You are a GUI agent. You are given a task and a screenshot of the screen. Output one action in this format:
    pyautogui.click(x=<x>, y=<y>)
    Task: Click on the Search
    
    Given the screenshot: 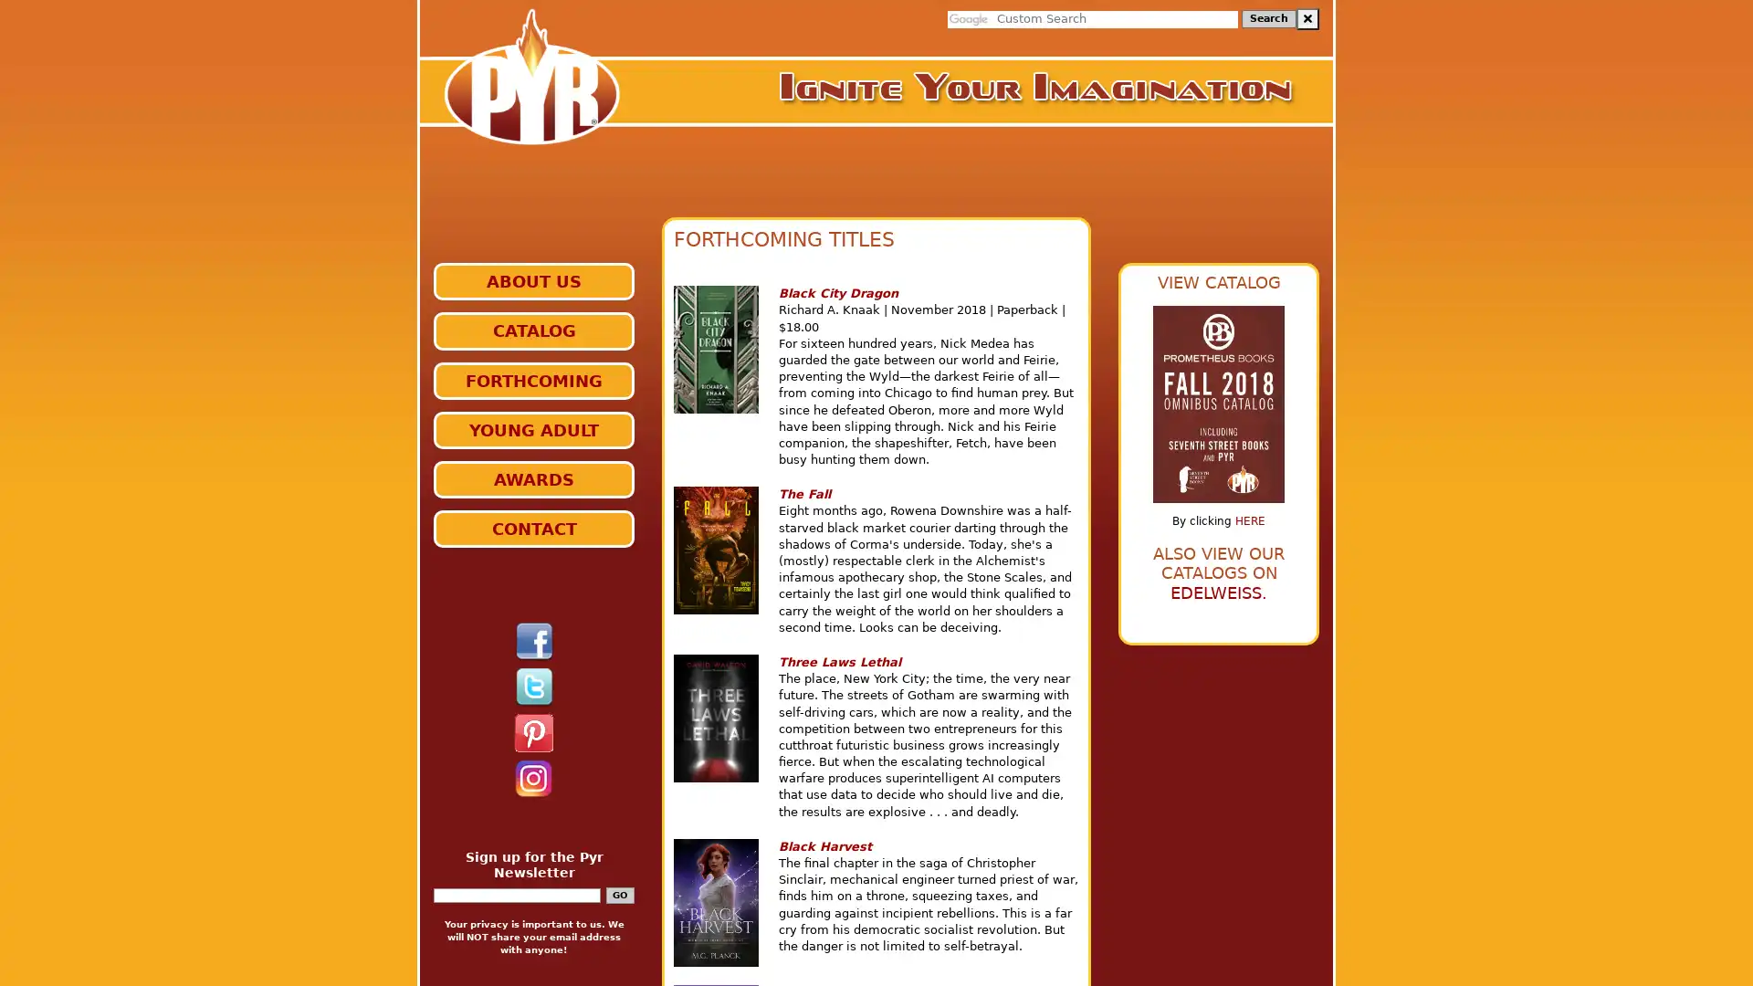 What is the action you would take?
    pyautogui.click(x=1268, y=18)
    